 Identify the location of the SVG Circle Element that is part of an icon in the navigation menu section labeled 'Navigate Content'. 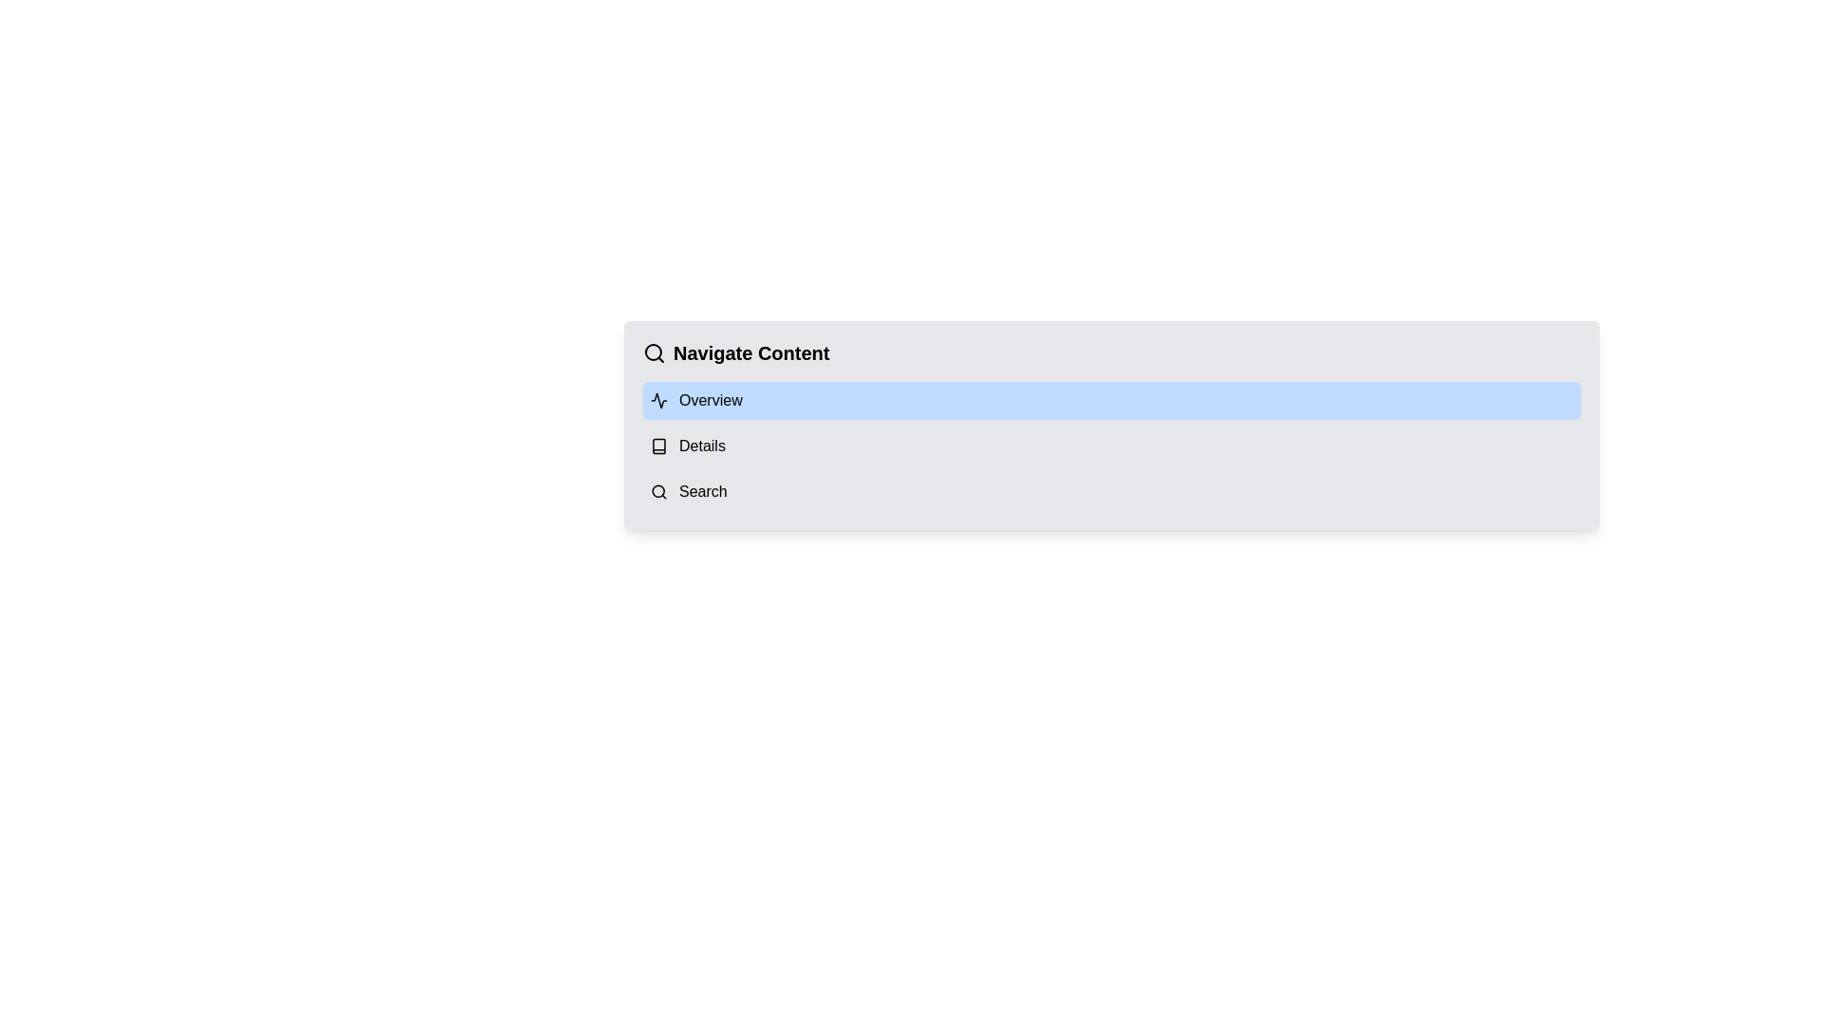
(653, 351).